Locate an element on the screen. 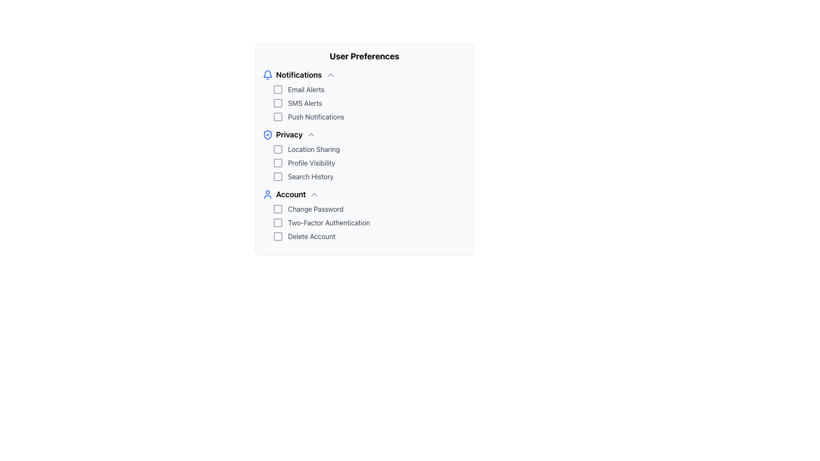  the account settings icon located in the 'Account' section of the user preferences panel for additional information is located at coordinates (267, 194).